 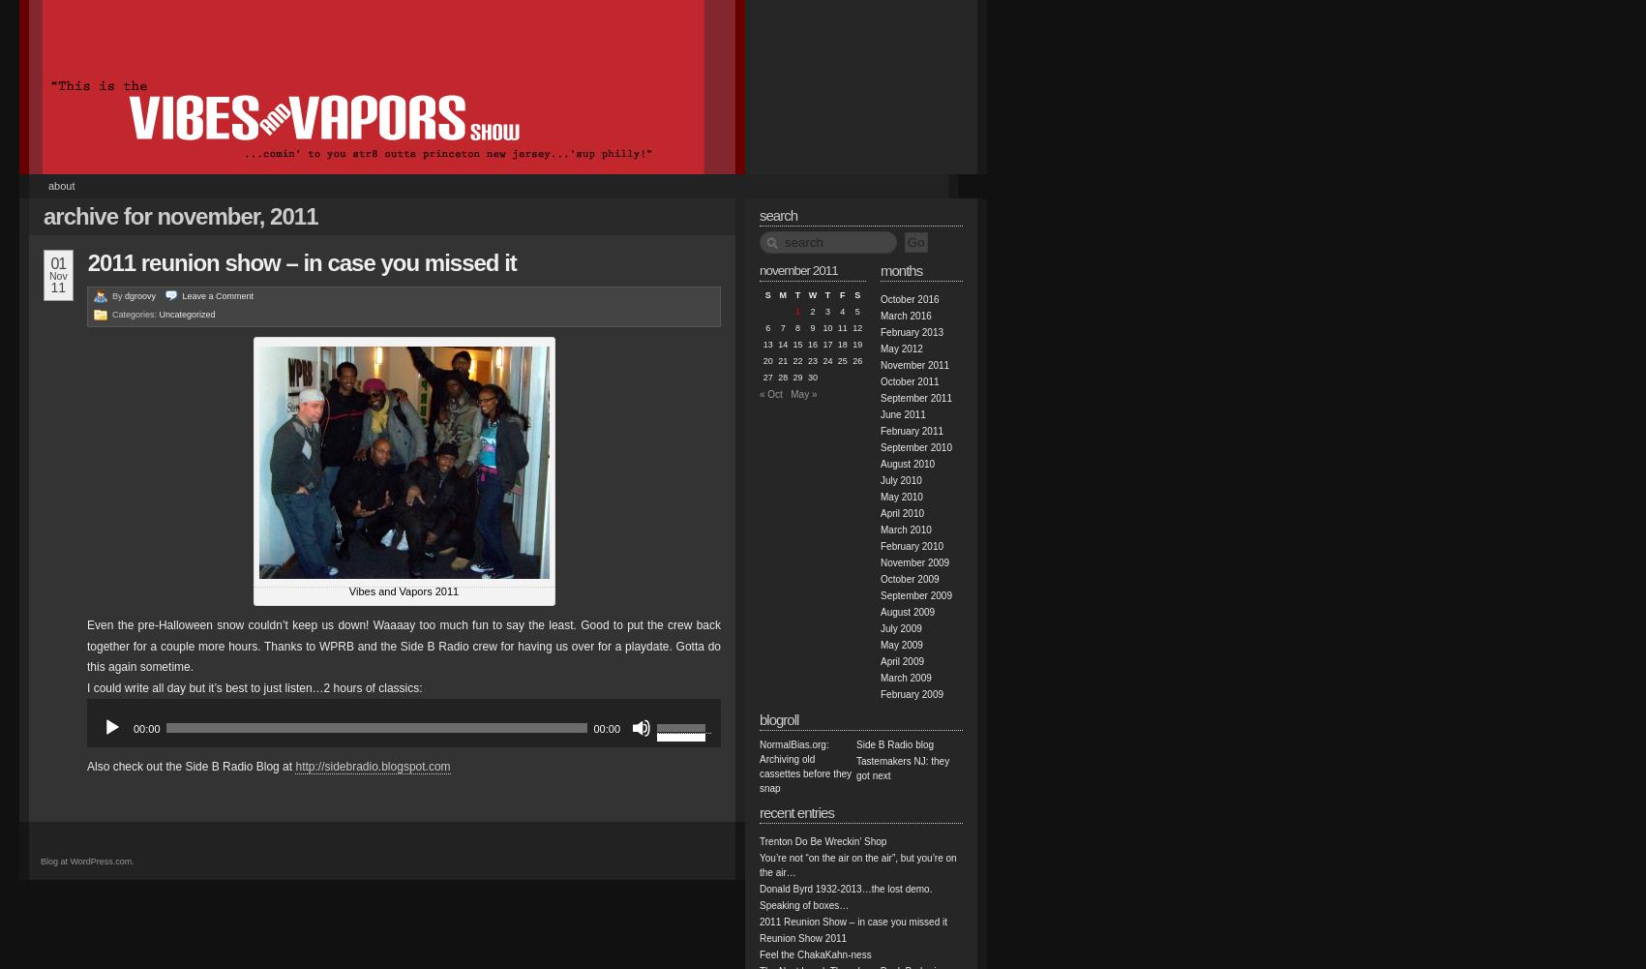 I want to click on 'February 2010', so click(x=911, y=545).